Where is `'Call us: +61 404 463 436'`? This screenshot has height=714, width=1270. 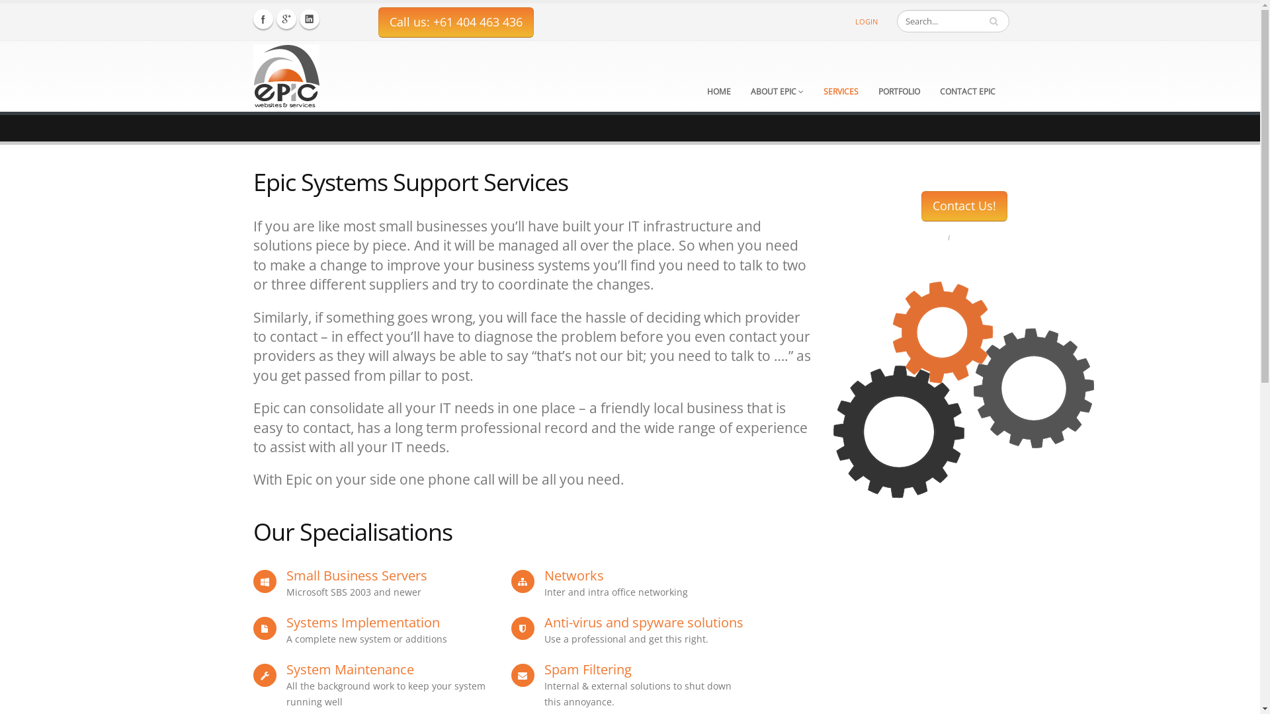 'Call us: +61 404 463 436' is located at coordinates (456, 22).